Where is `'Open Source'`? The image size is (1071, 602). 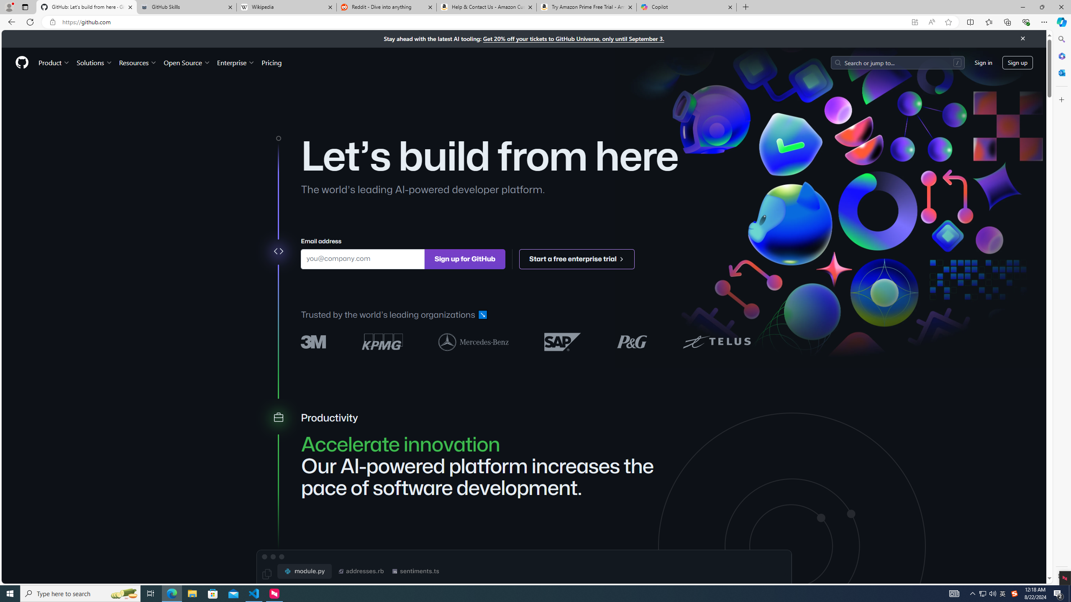
'Open Source' is located at coordinates (187, 62).